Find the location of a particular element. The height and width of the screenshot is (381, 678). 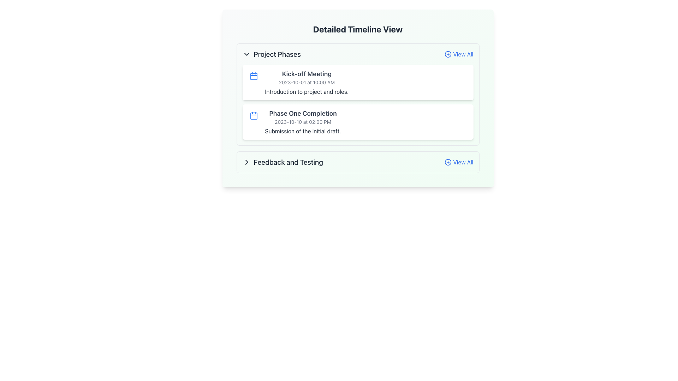

the calendar icon with a minimalist design, which is located to the left of the meeting title and date under the 'Kick-off Meeting' entry in 'Project Phases' is located at coordinates (254, 76).